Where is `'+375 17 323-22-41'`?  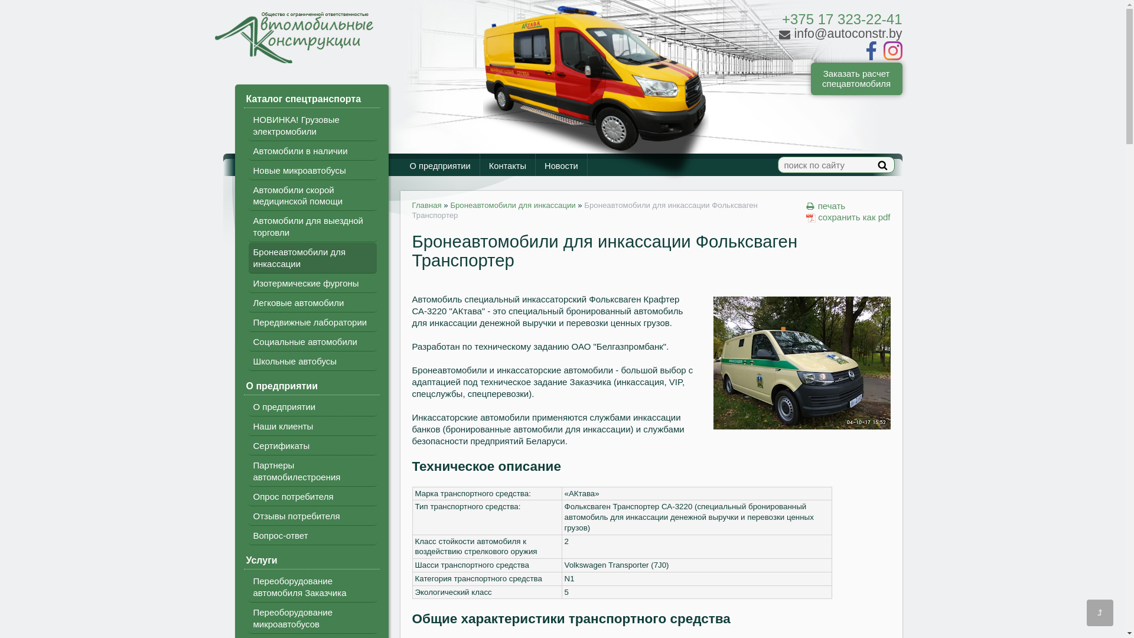 '+375 17 323-22-41' is located at coordinates (841, 19).